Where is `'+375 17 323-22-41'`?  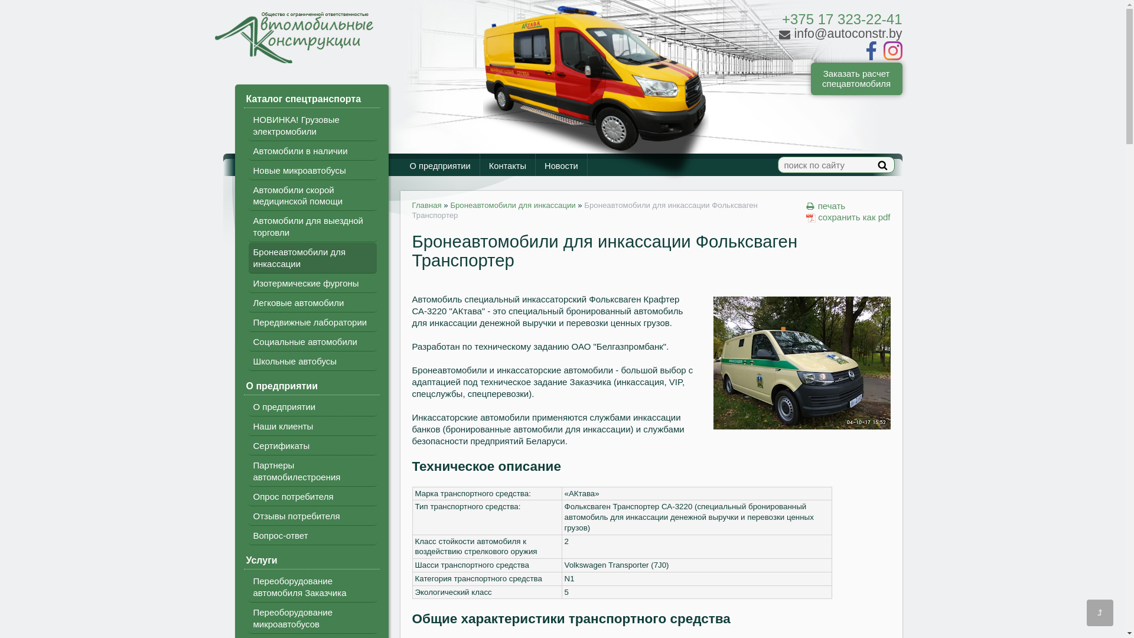 '+375 17 323-22-41' is located at coordinates (841, 19).